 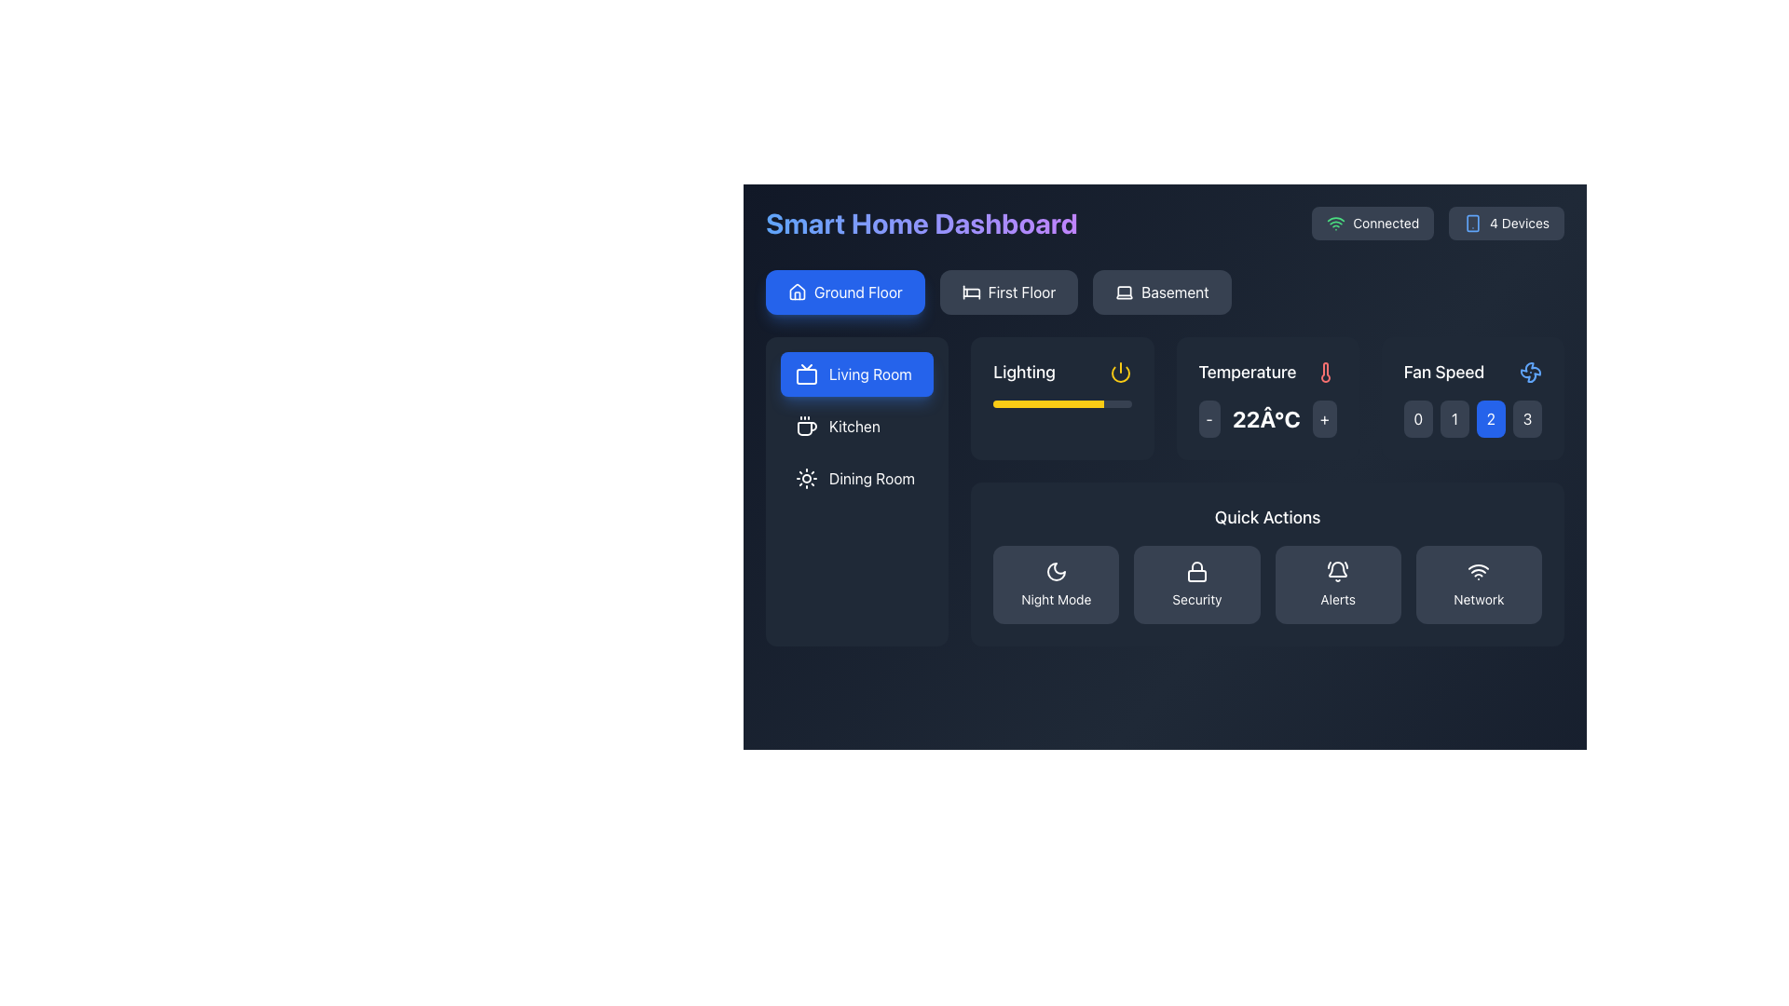 What do you see at coordinates (1020, 292) in the screenshot?
I see `the 'First Floor' text label` at bounding box center [1020, 292].